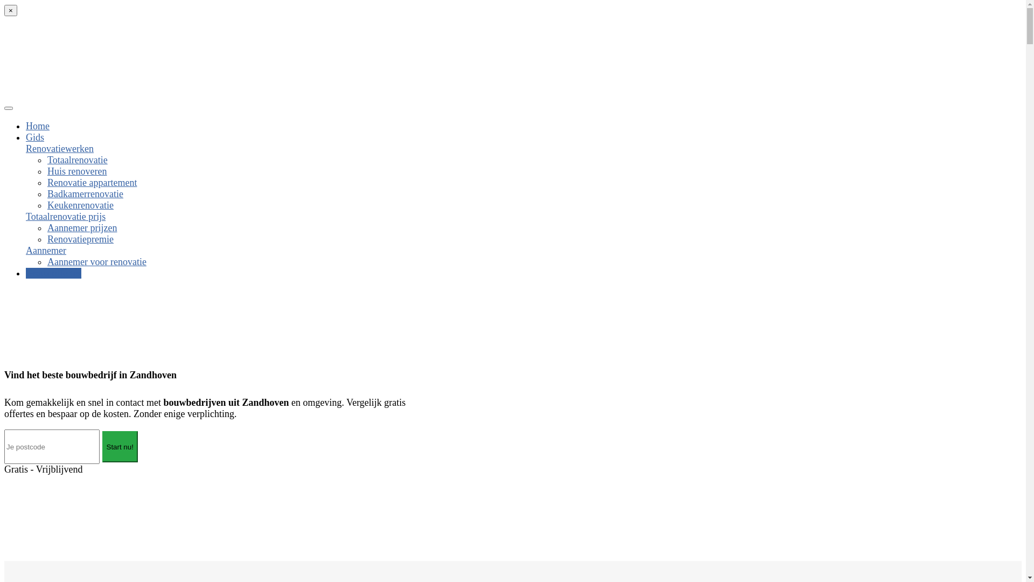 This screenshot has height=582, width=1034. Describe the element at coordinates (65, 216) in the screenshot. I see `'Totaalrenovatie prijs'` at that location.